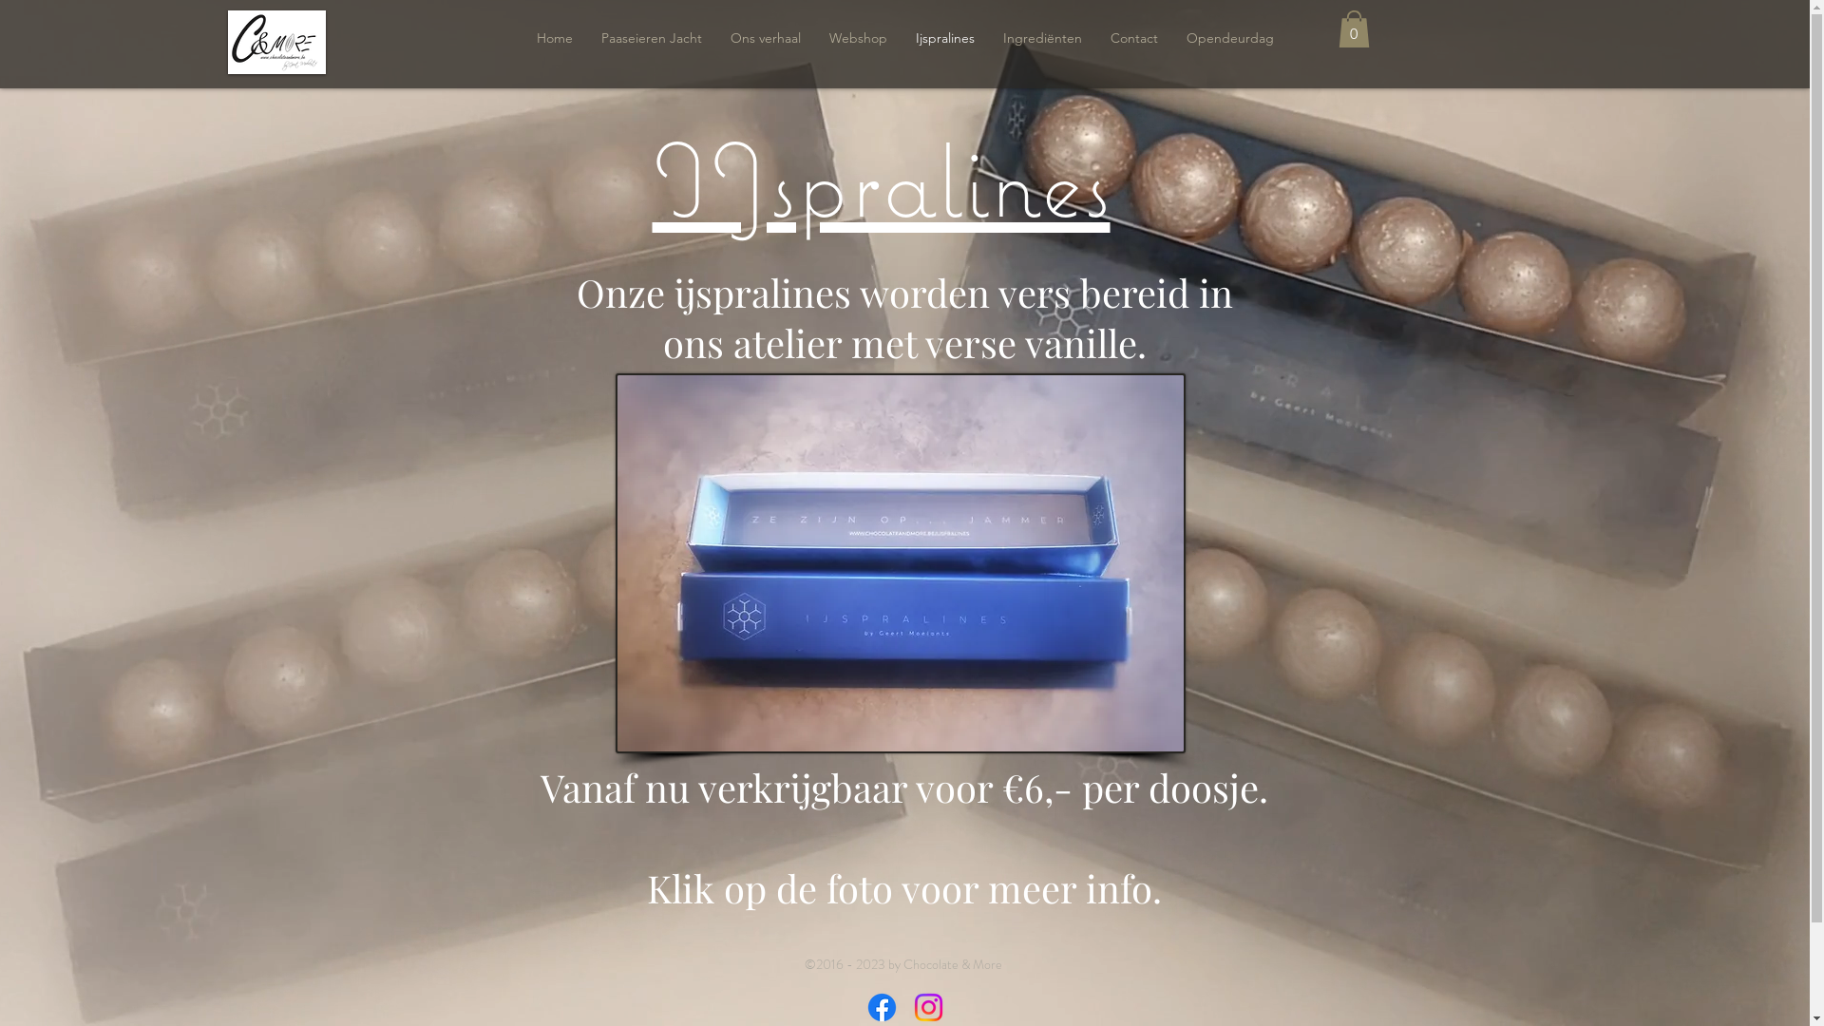  What do you see at coordinates (900, 562) in the screenshot?
I see `'IMG_20200217_154204_185.jpg'` at bounding box center [900, 562].